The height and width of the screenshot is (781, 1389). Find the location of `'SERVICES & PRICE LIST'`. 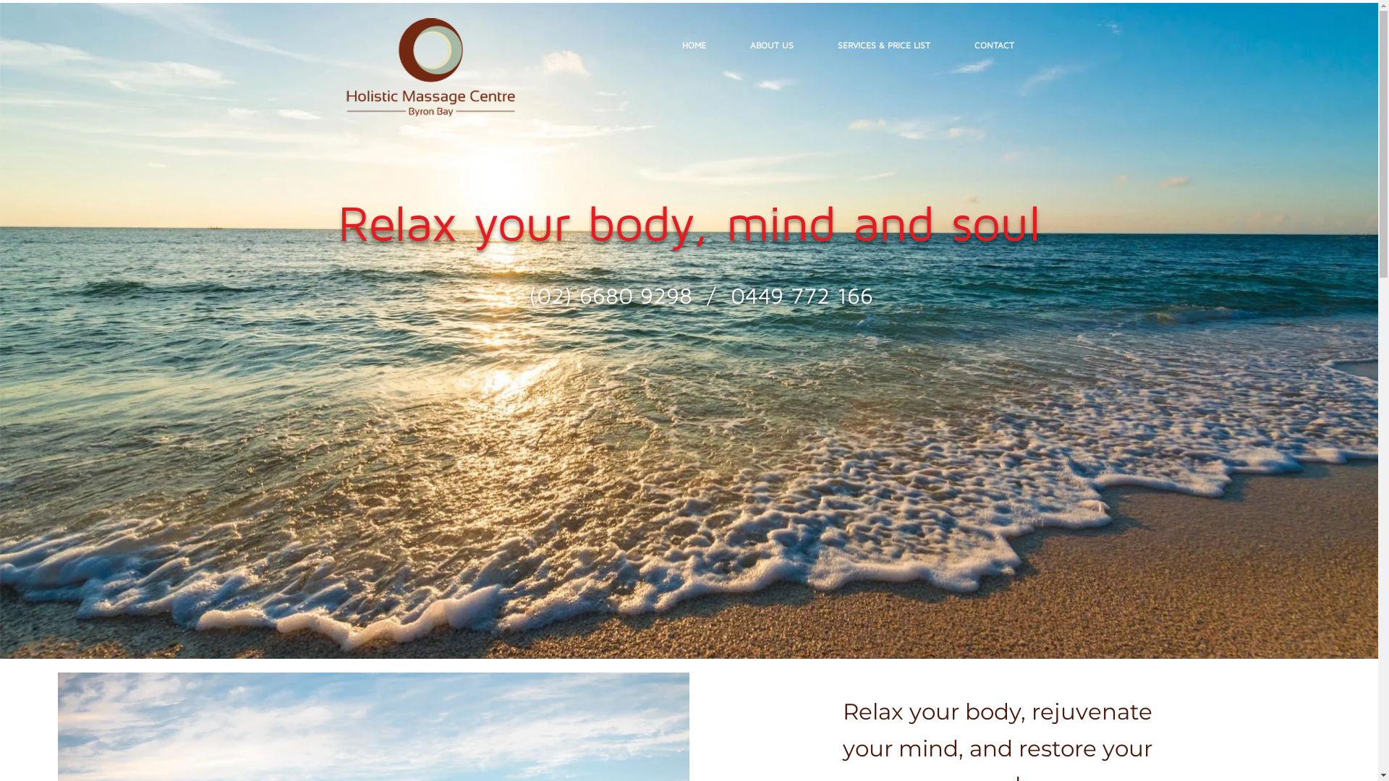

'SERVICES & PRICE LIST' is located at coordinates (816, 44).